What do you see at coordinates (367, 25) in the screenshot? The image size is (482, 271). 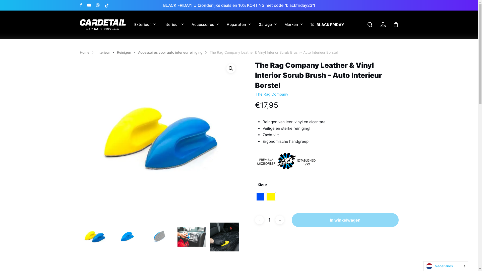 I see `'search'` at bounding box center [367, 25].